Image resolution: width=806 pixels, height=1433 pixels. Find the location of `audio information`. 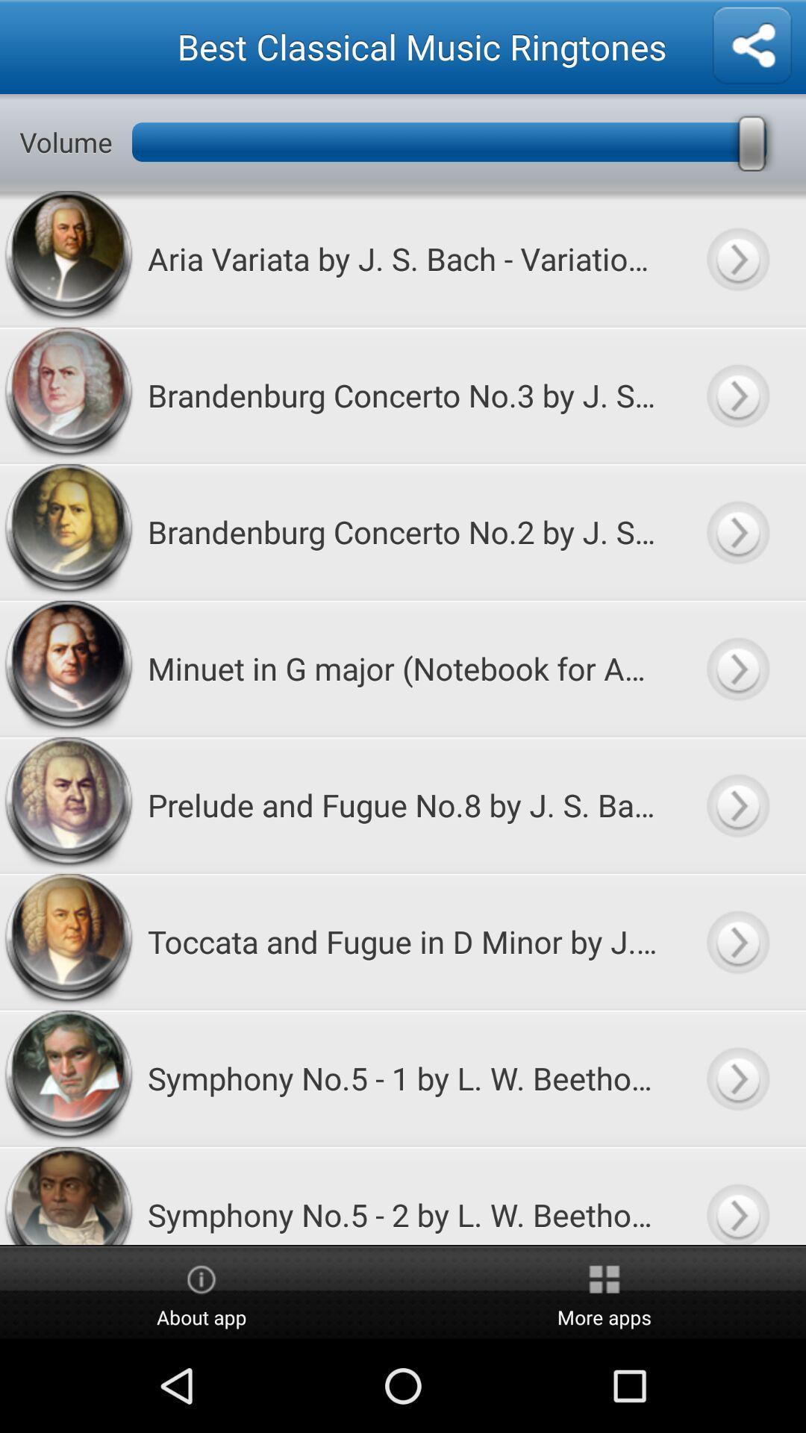

audio information is located at coordinates (737, 395).